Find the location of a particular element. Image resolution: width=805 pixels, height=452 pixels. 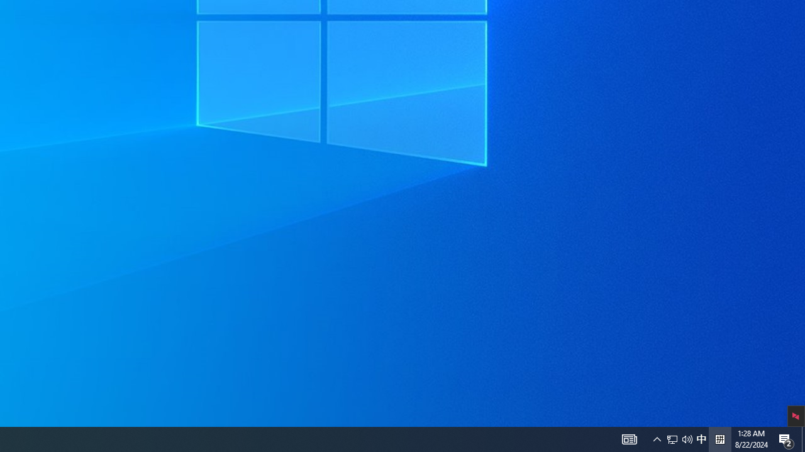

'Q2790: 100%' is located at coordinates (687, 438).